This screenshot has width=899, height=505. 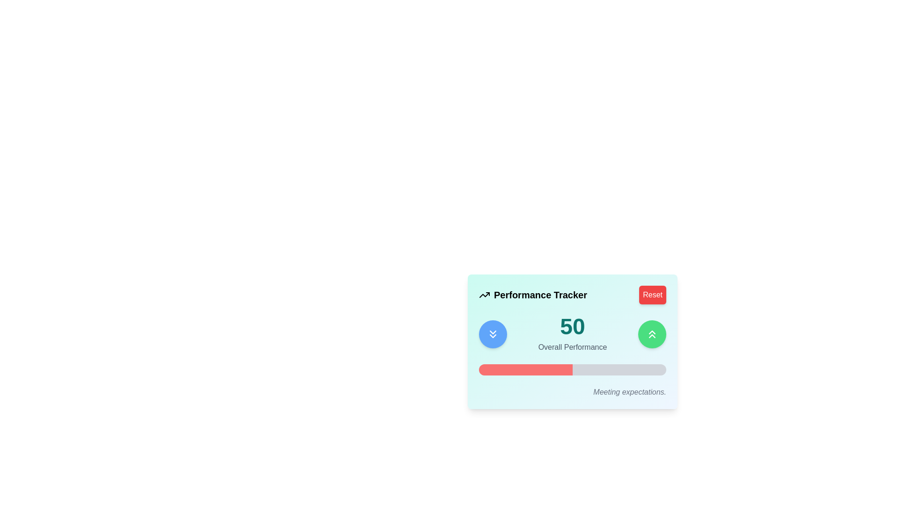 I want to click on the rounded green button labeled with 'Increase Value', so click(x=651, y=333).